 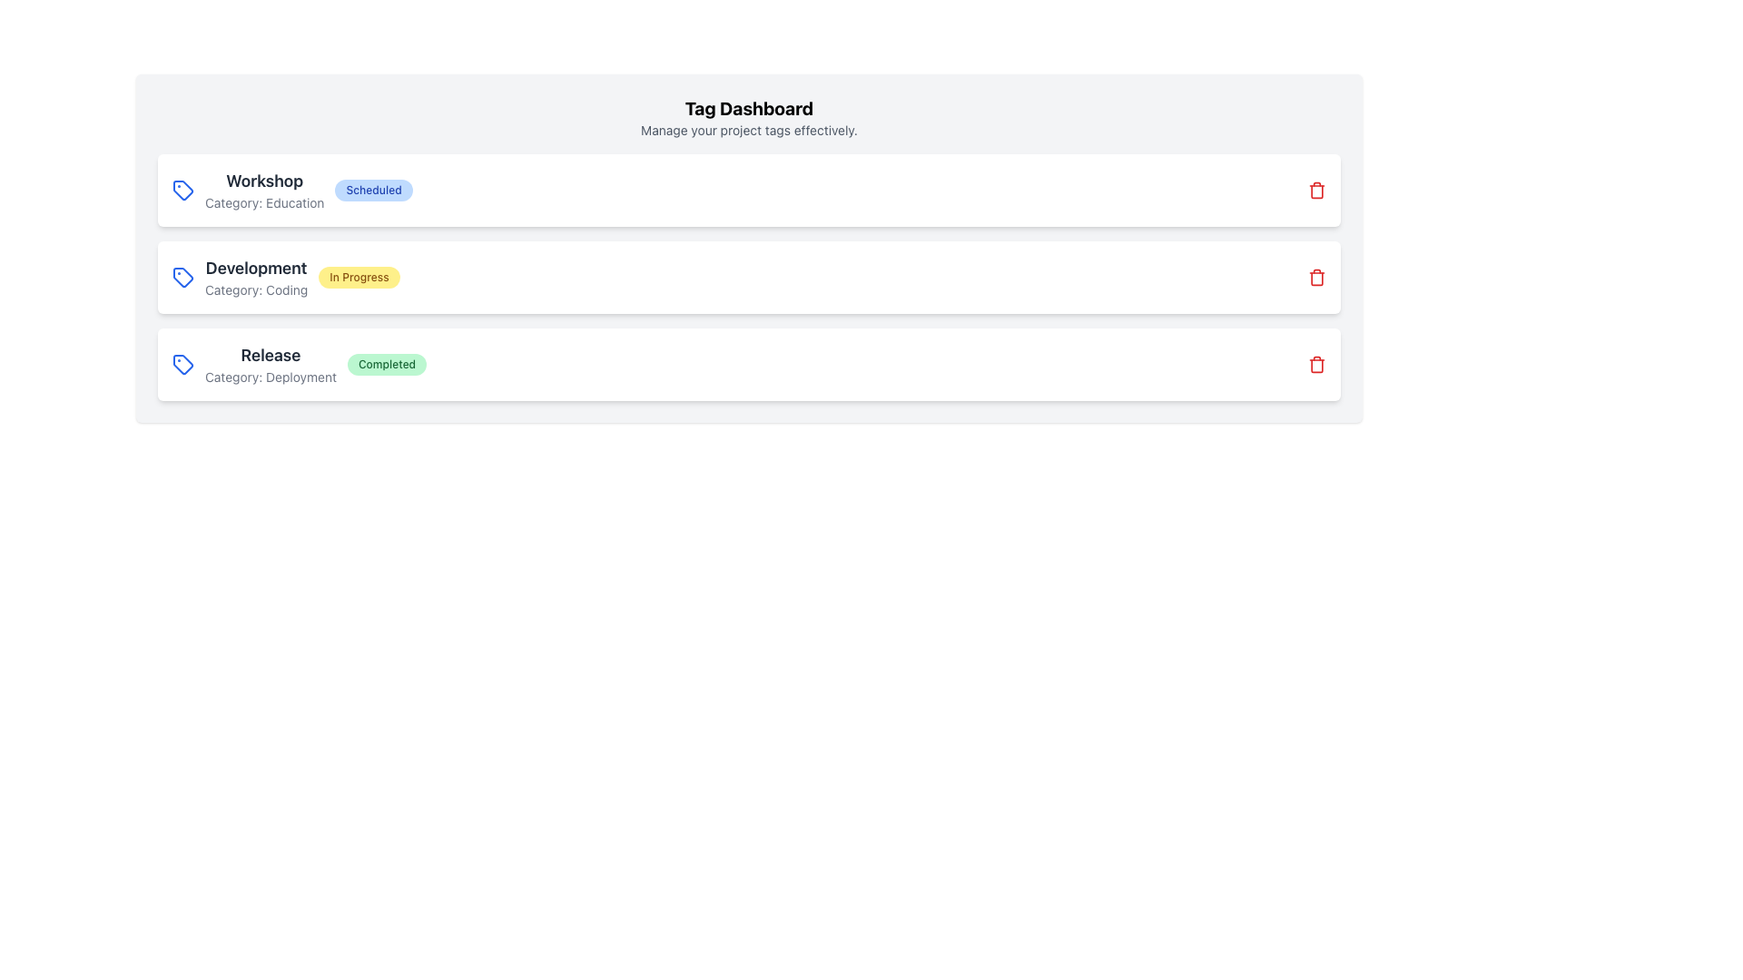 What do you see at coordinates (749, 118) in the screenshot?
I see `informational header text that introduces the purpose of the page for managing project tags, located at the top of the dashboard interface` at bounding box center [749, 118].